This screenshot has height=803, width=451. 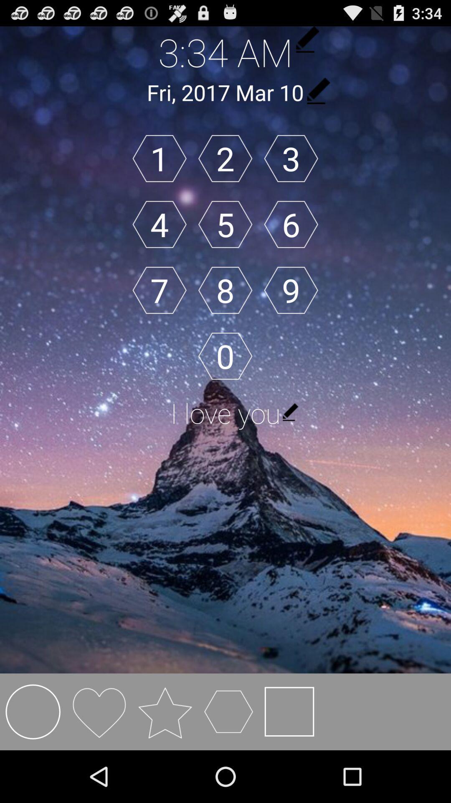 What do you see at coordinates (160, 224) in the screenshot?
I see `item below 1 icon` at bounding box center [160, 224].